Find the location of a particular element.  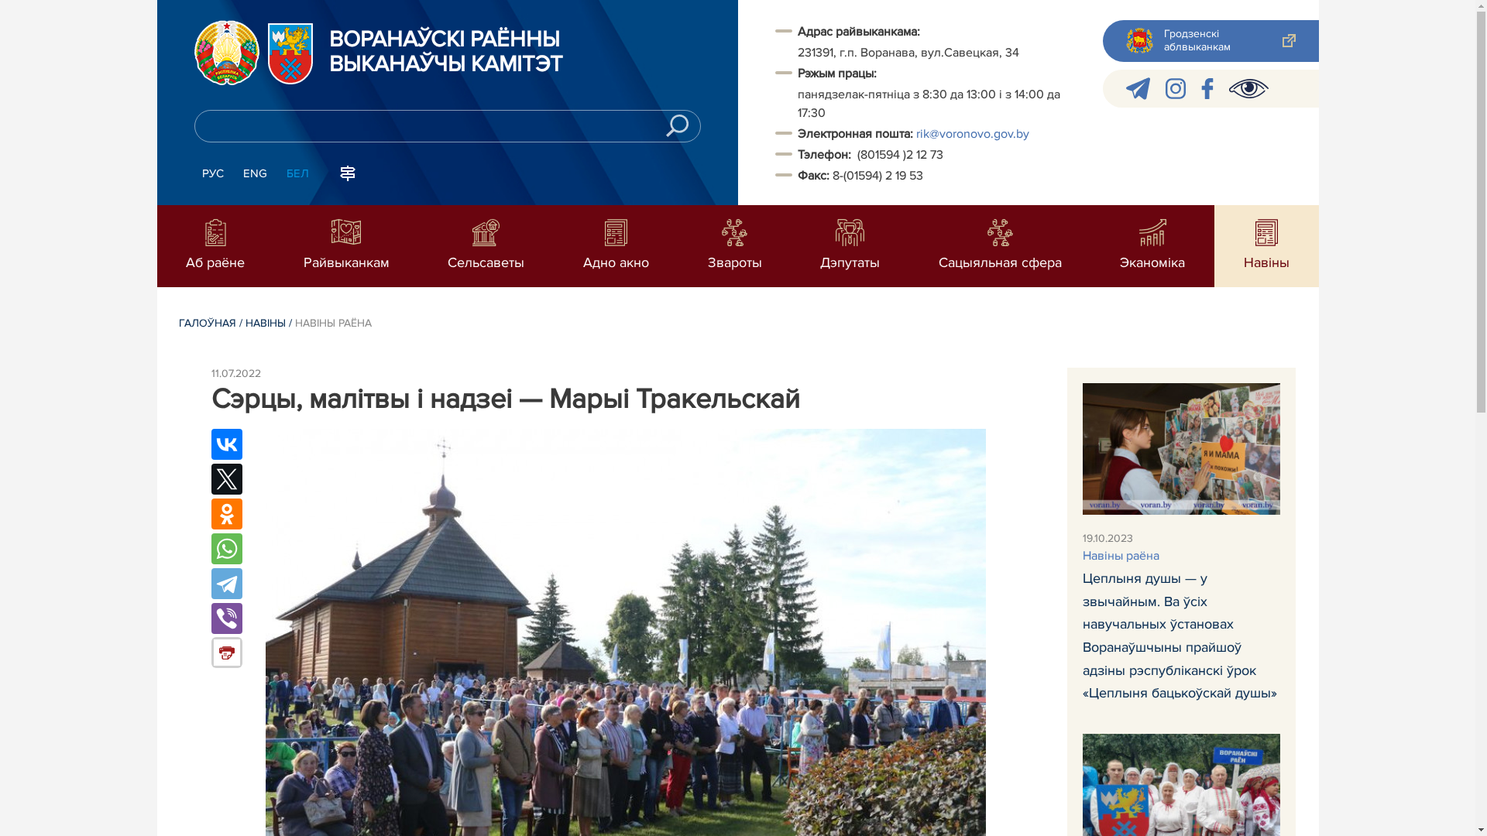

'rik@voronovo.gov.by' is located at coordinates (915, 133).